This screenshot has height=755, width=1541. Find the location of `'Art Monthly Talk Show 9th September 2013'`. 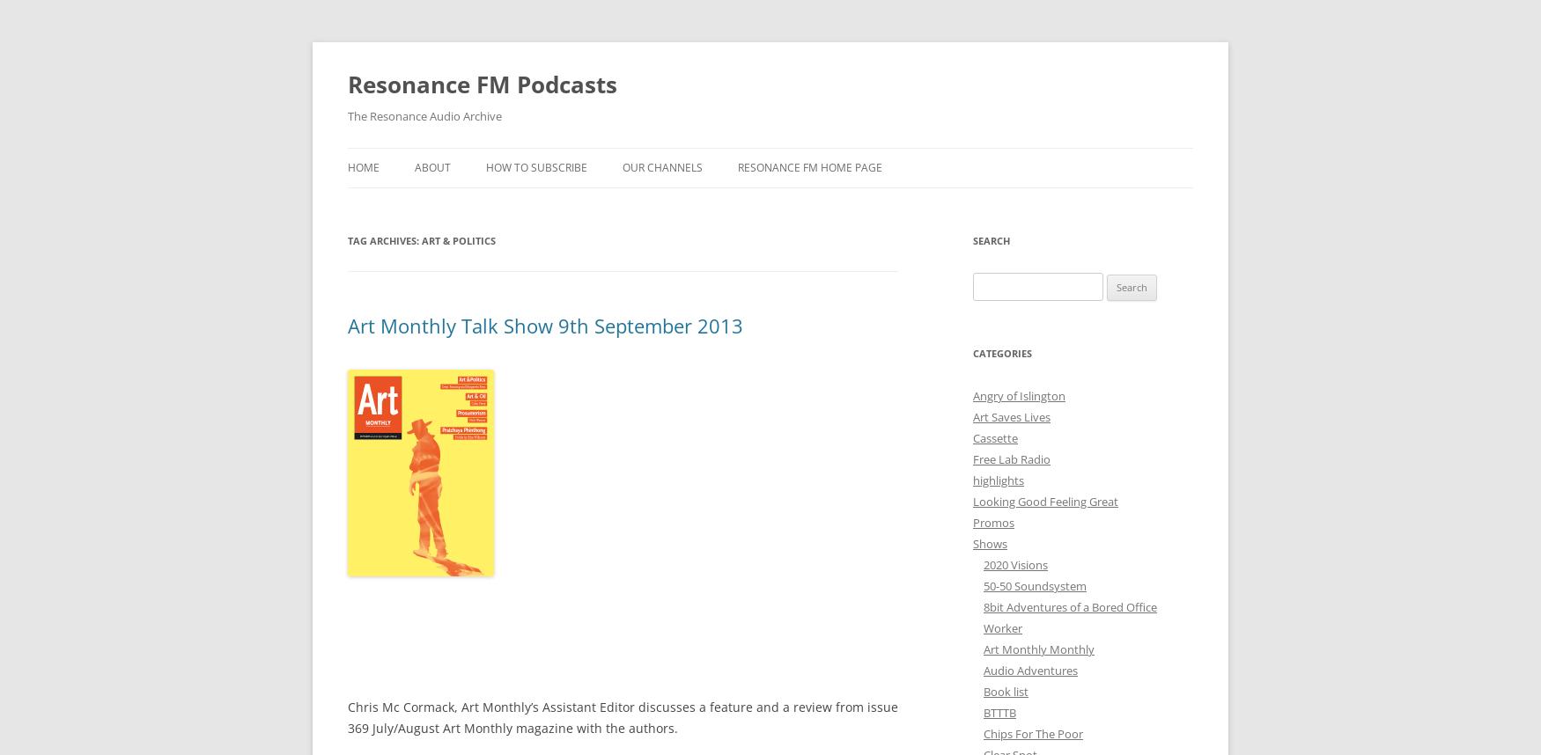

'Art Monthly Talk Show 9th September 2013' is located at coordinates (346, 325).